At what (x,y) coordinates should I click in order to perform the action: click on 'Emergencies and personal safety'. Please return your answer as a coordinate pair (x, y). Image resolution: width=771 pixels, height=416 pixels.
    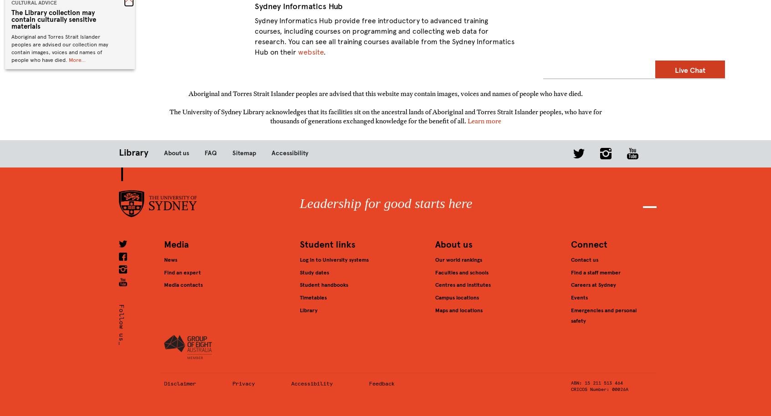
    Looking at the image, I should click on (602, 315).